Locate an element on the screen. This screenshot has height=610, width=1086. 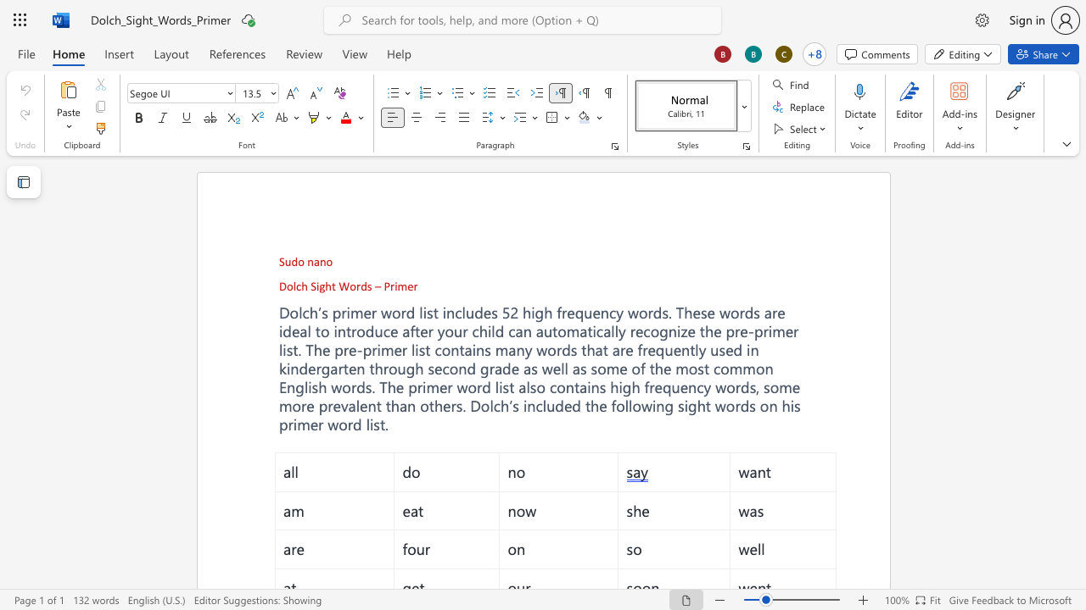
the space between the continuous character "d" and "s" in the text is located at coordinates (366, 285).